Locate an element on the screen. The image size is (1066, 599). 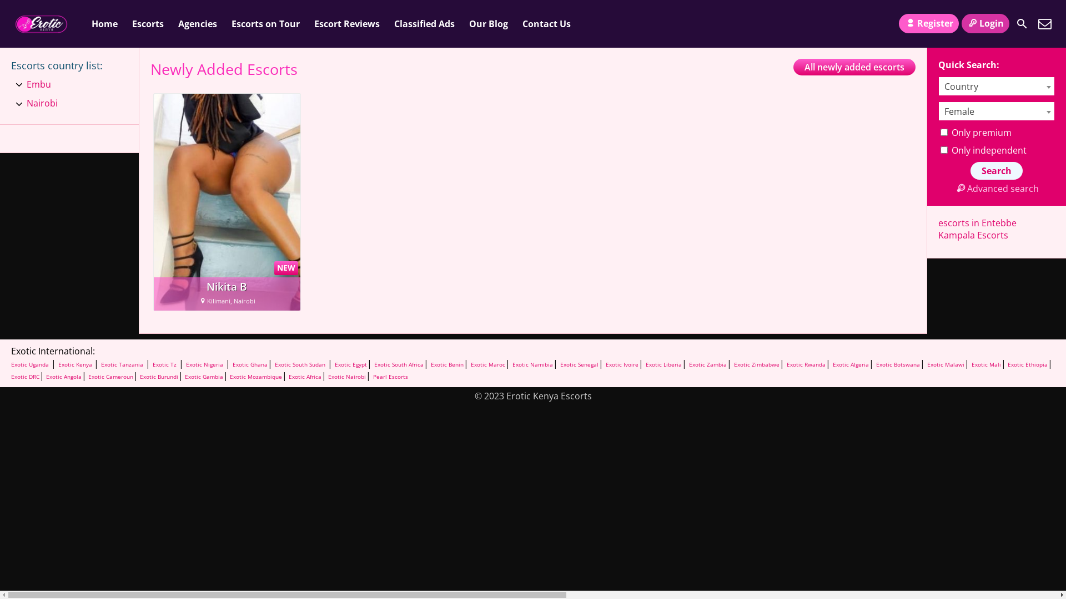
'Exotic Uganda' is located at coordinates (29, 364).